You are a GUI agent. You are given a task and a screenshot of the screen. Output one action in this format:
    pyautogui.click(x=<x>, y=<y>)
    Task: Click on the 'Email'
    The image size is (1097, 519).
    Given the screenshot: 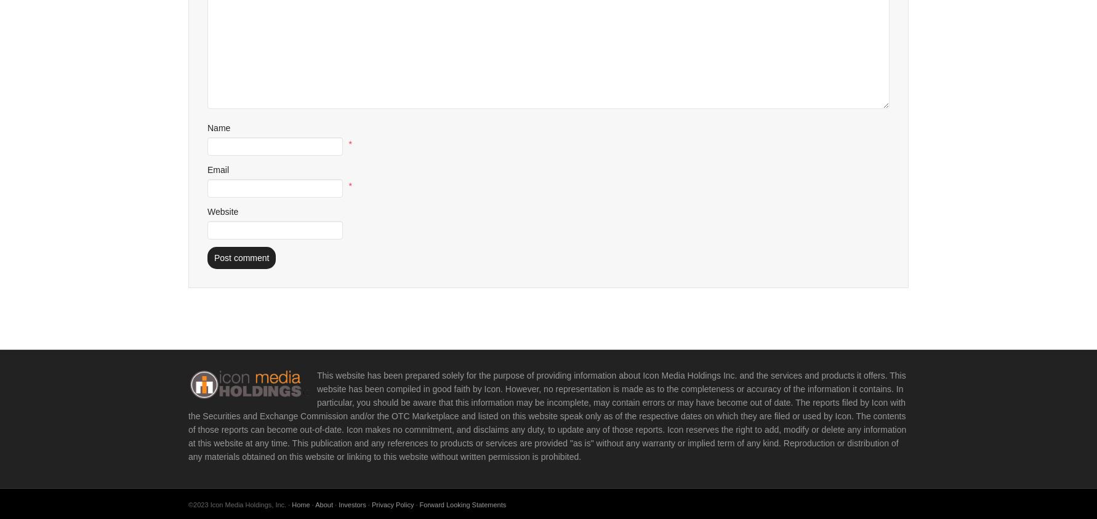 What is the action you would take?
    pyautogui.click(x=206, y=169)
    